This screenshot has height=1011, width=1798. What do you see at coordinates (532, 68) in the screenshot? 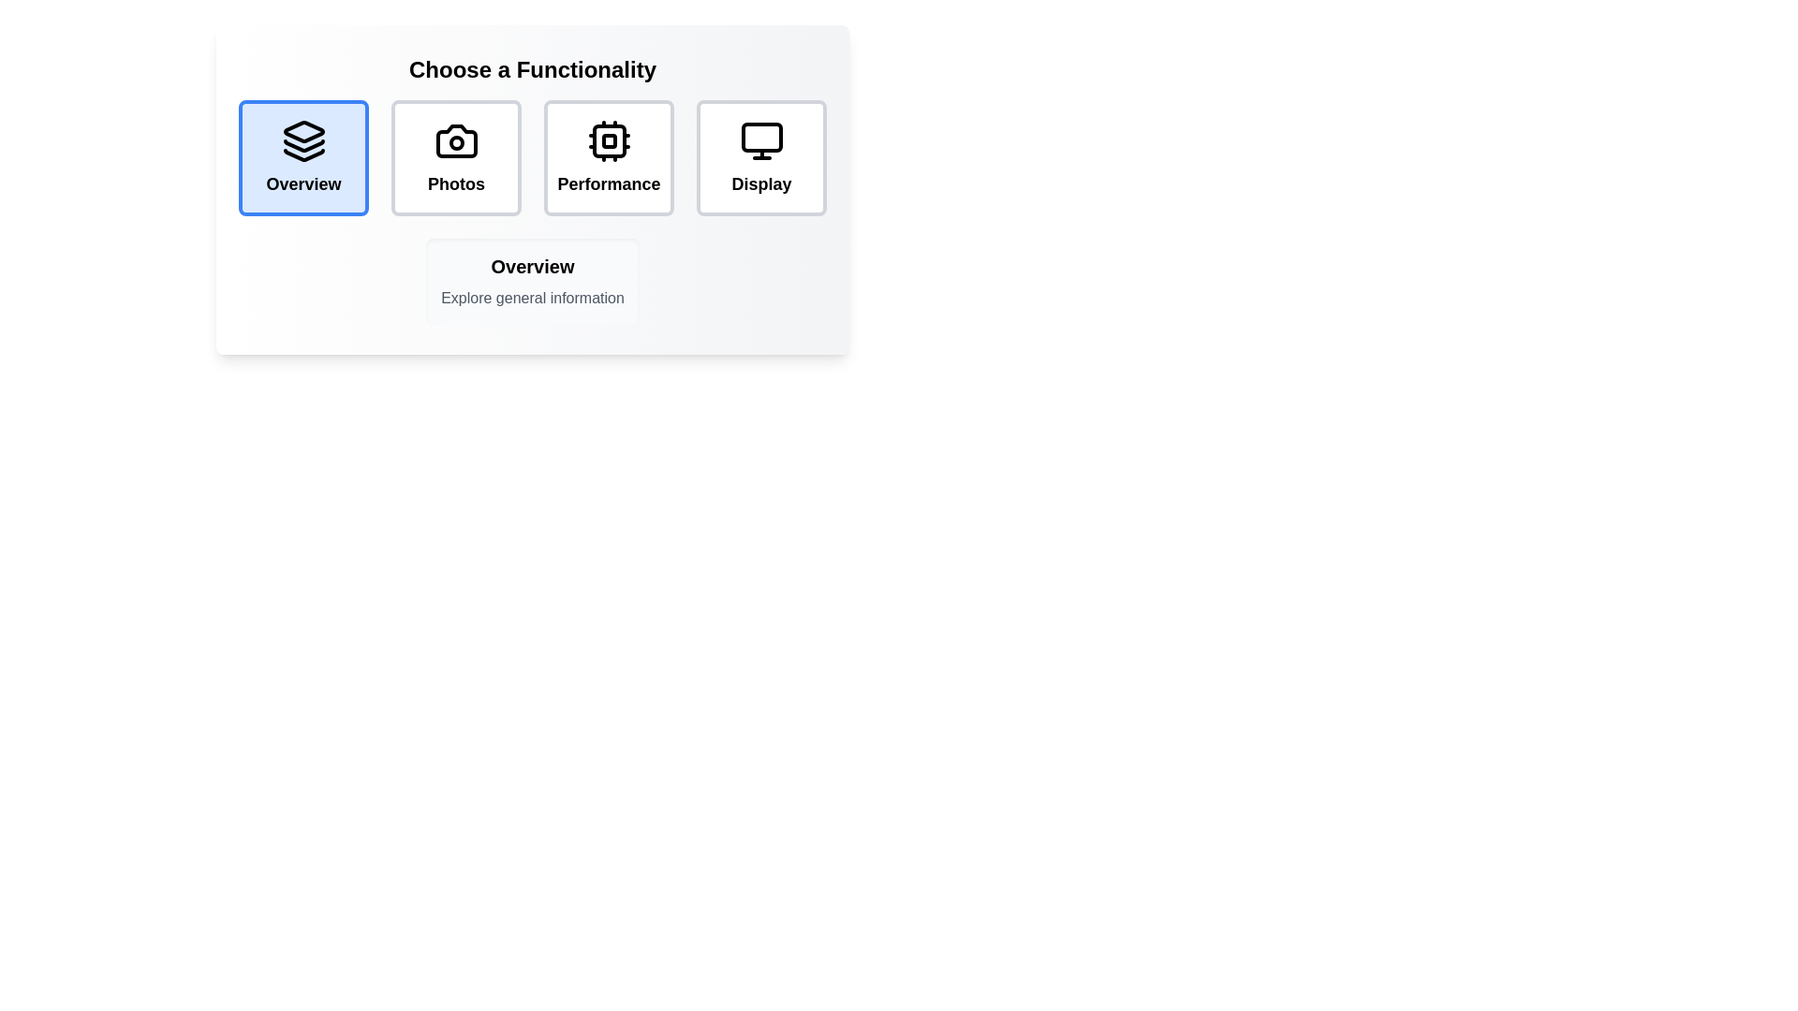
I see `the static text element displaying 'Choose a Functionality', which is prominently styled and positioned at the top-center of the interface` at bounding box center [532, 68].